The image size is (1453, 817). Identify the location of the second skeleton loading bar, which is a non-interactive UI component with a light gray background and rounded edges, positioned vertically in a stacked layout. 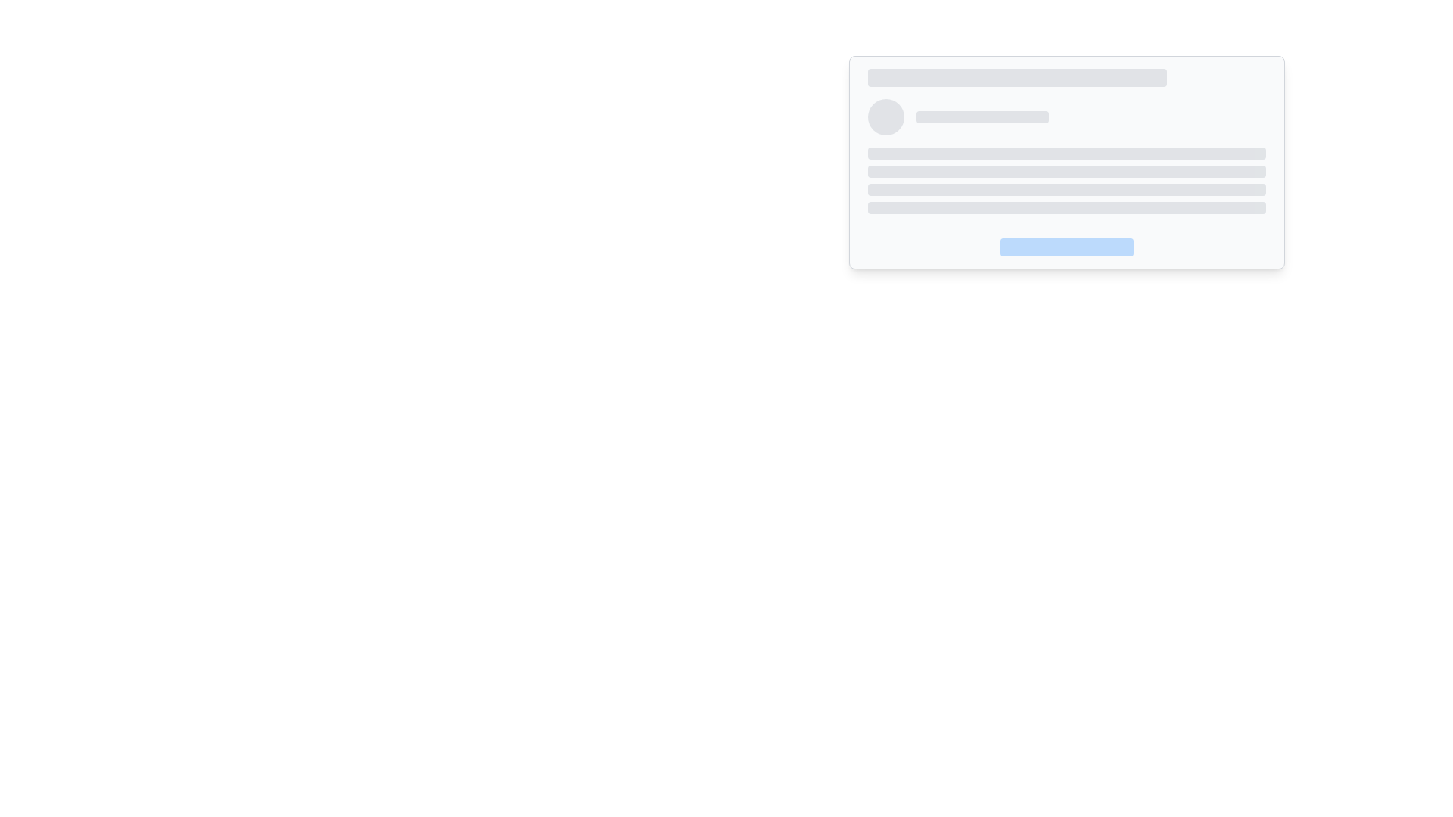
(1066, 171).